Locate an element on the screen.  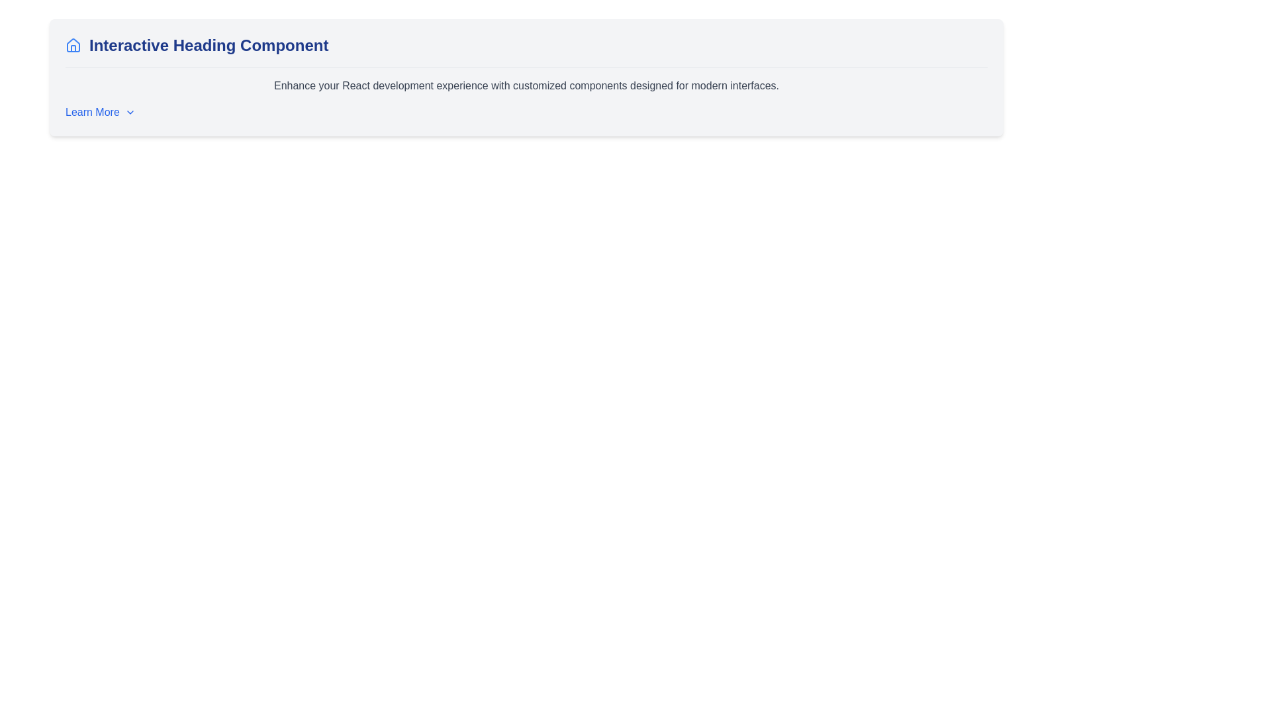
the door element of the house icon, which is represented by a vertical rectangular shape in the lower central part of the SVG icon is located at coordinates (72, 48).